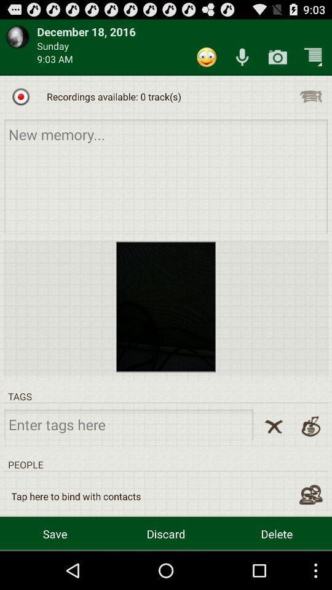  I want to click on the list icon, so click(310, 103).